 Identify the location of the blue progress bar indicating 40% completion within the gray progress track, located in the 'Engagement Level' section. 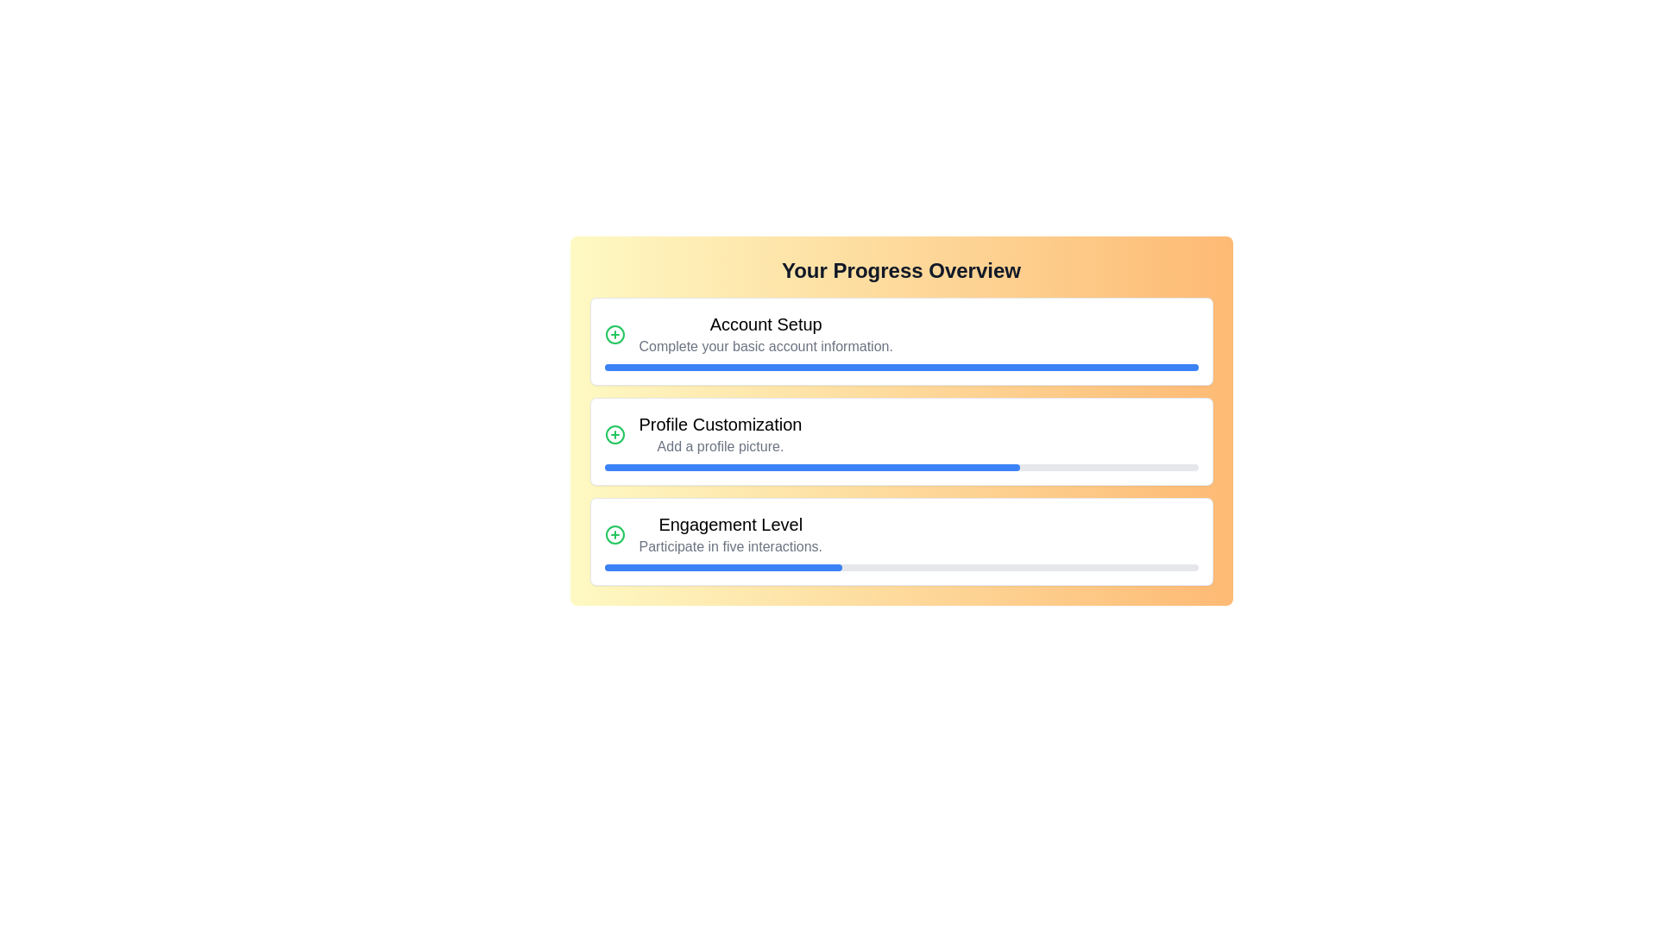
(723, 568).